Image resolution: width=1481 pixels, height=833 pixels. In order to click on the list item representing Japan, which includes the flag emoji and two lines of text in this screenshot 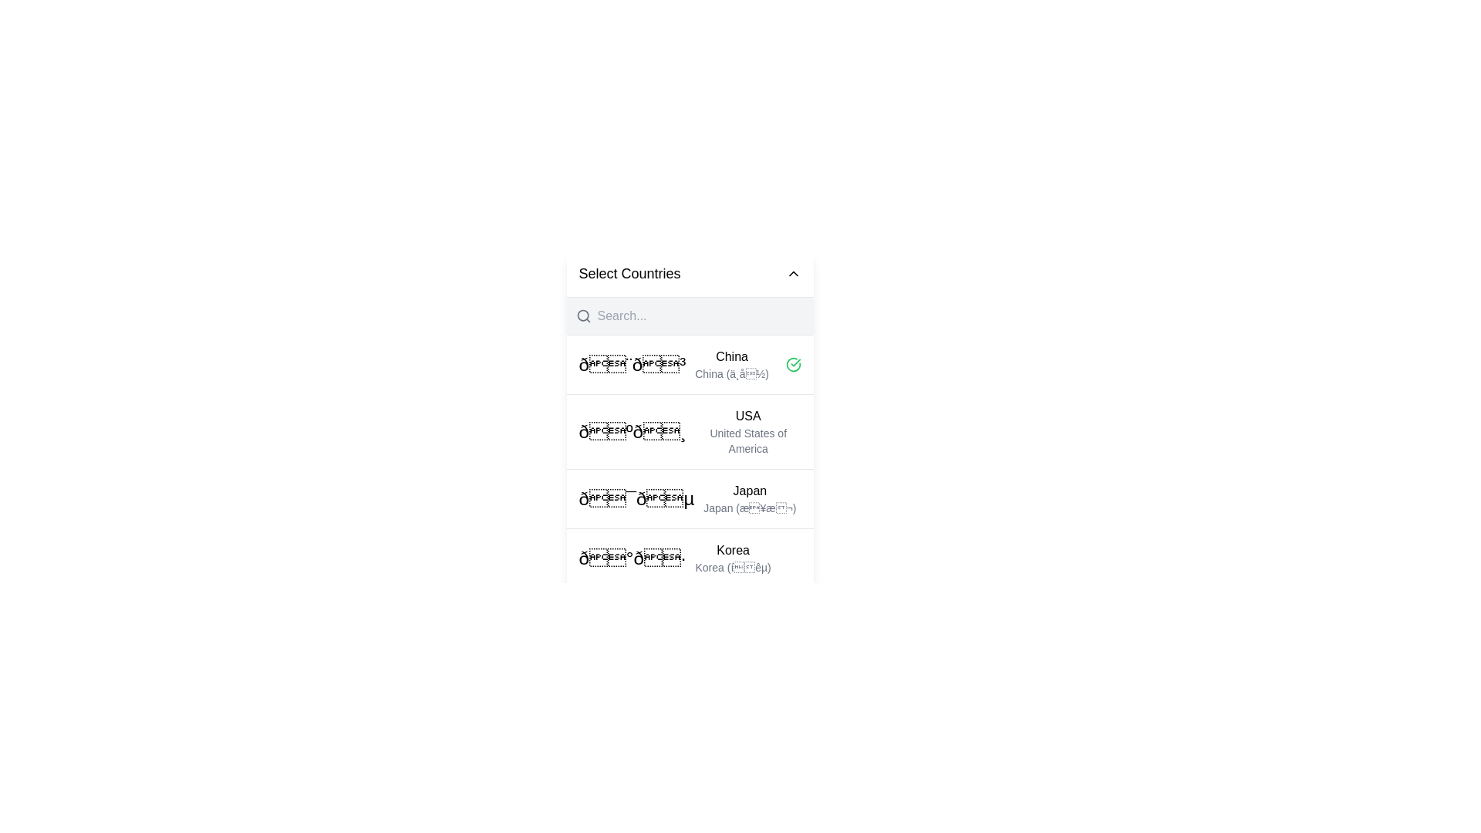, I will do `click(689, 498)`.